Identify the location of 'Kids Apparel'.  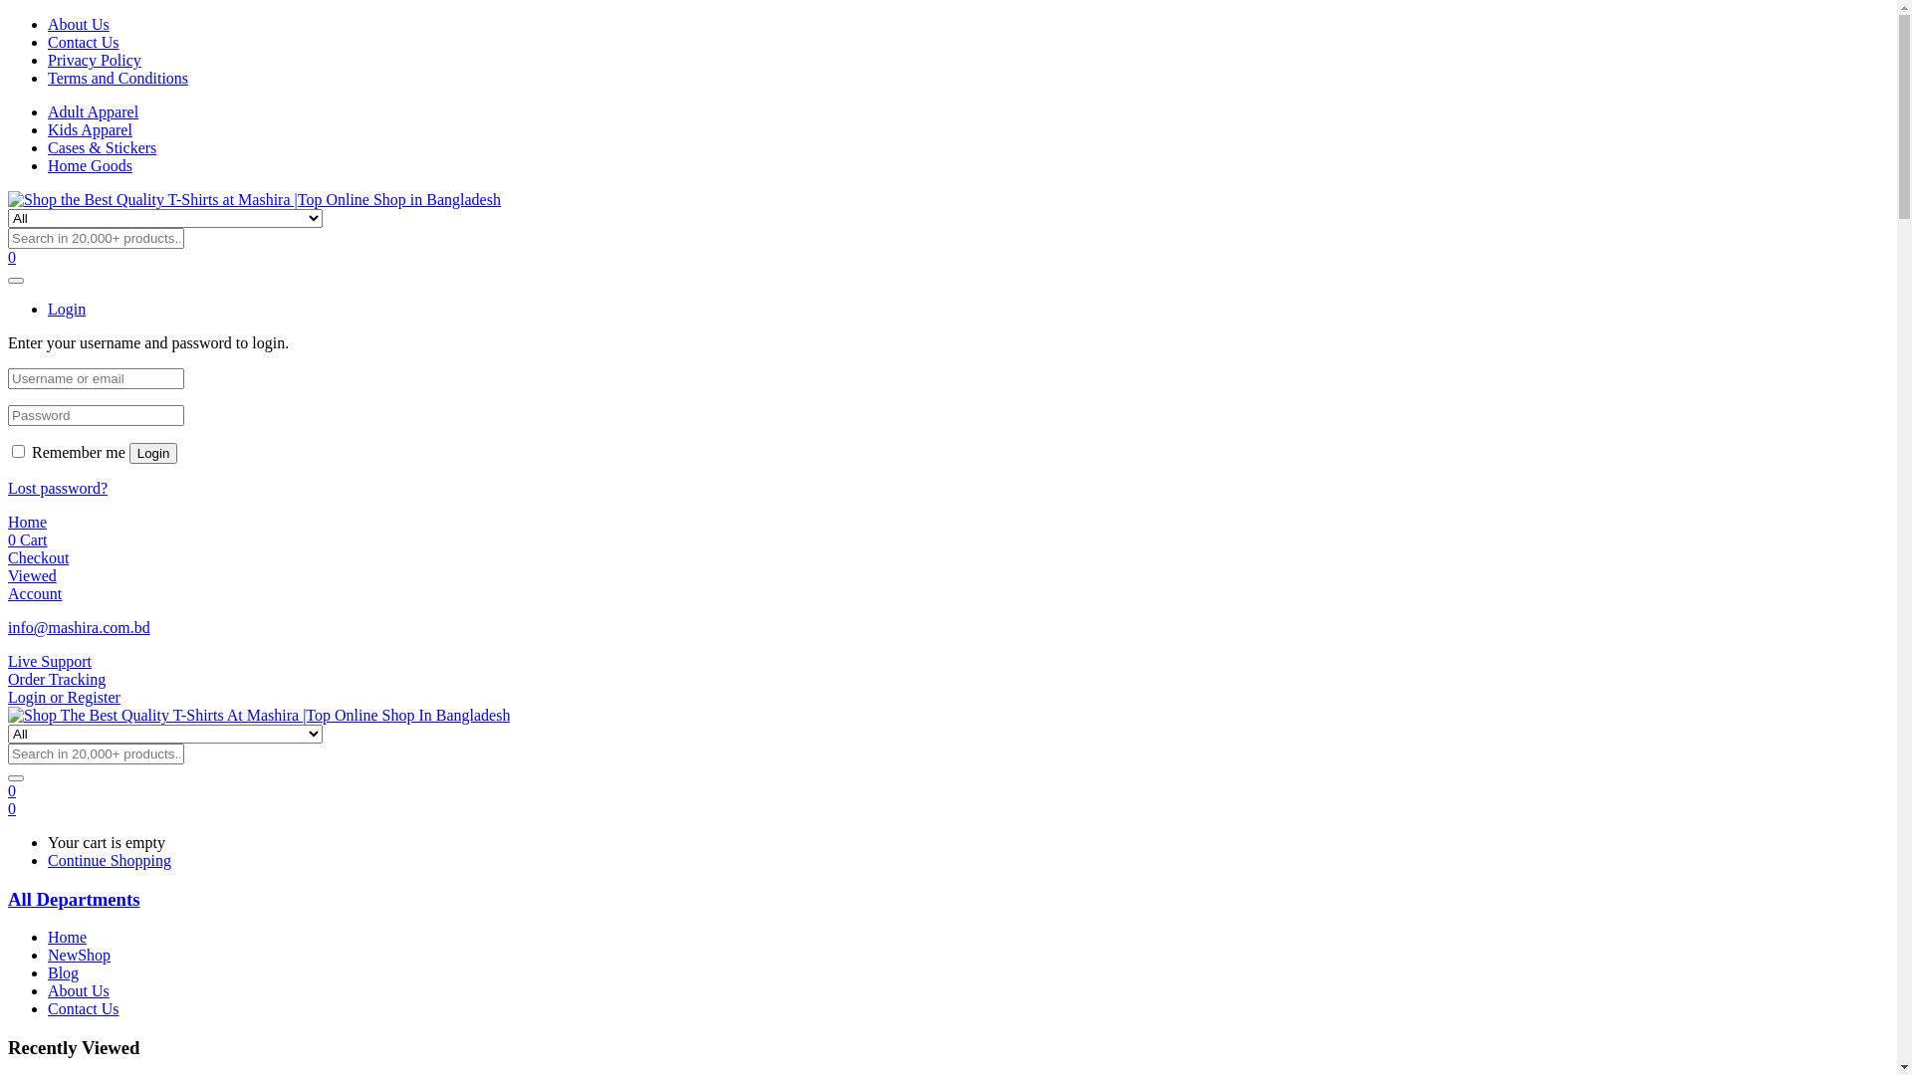
(89, 129).